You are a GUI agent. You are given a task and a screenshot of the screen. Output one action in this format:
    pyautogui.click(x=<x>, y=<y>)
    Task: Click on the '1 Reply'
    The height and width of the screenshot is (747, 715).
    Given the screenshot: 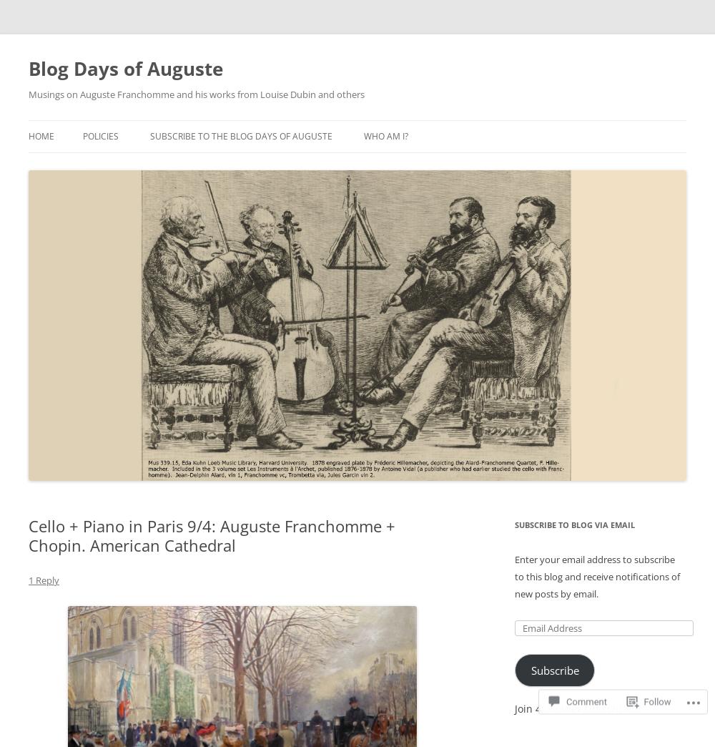 What is the action you would take?
    pyautogui.click(x=44, y=579)
    